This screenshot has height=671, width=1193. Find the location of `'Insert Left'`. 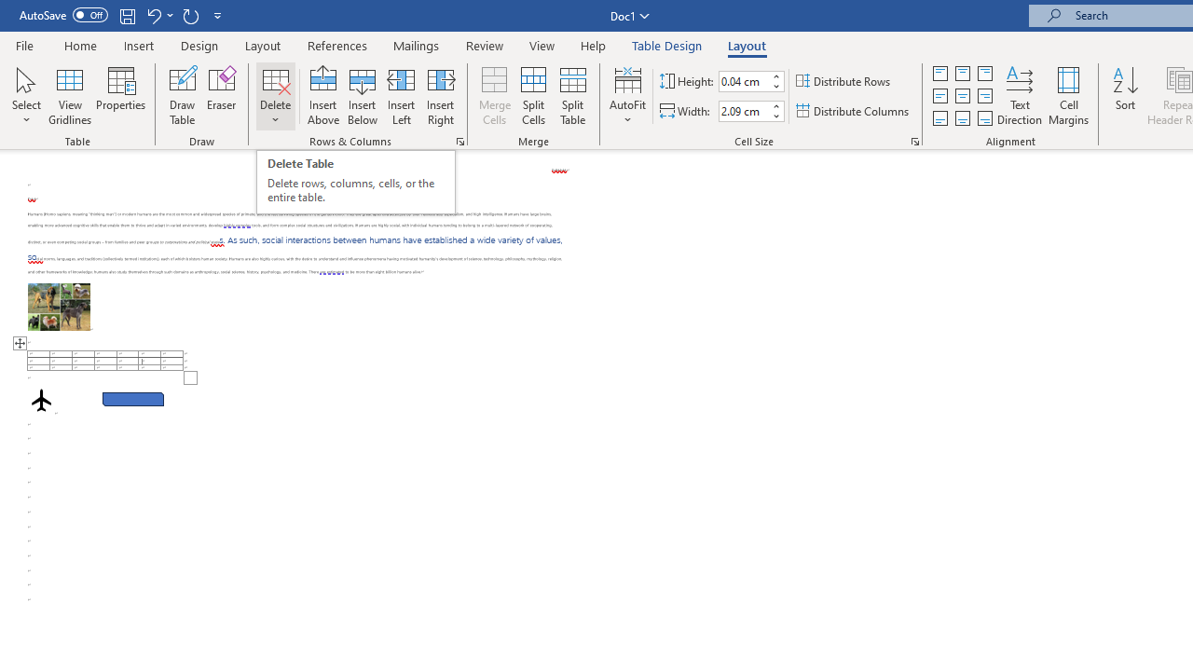

'Insert Left' is located at coordinates (400, 96).